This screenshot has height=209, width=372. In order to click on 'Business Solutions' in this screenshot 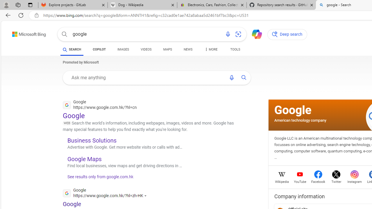, I will do `click(92, 140)`.